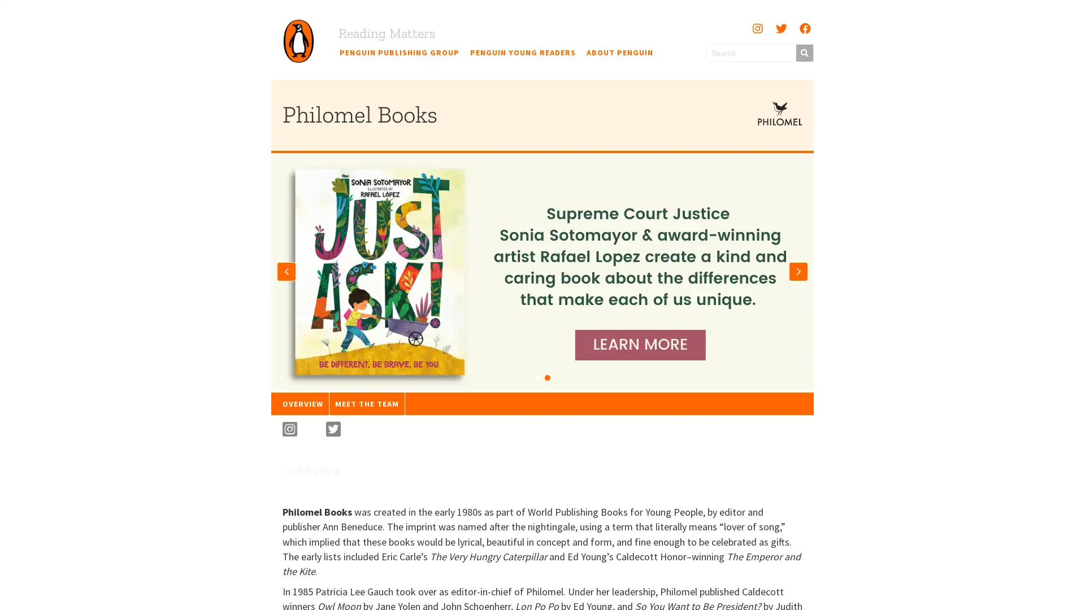  I want to click on She Persisted by Chelsea Clinton and illustrated by Alexandra Boiger, so click(536, 377).